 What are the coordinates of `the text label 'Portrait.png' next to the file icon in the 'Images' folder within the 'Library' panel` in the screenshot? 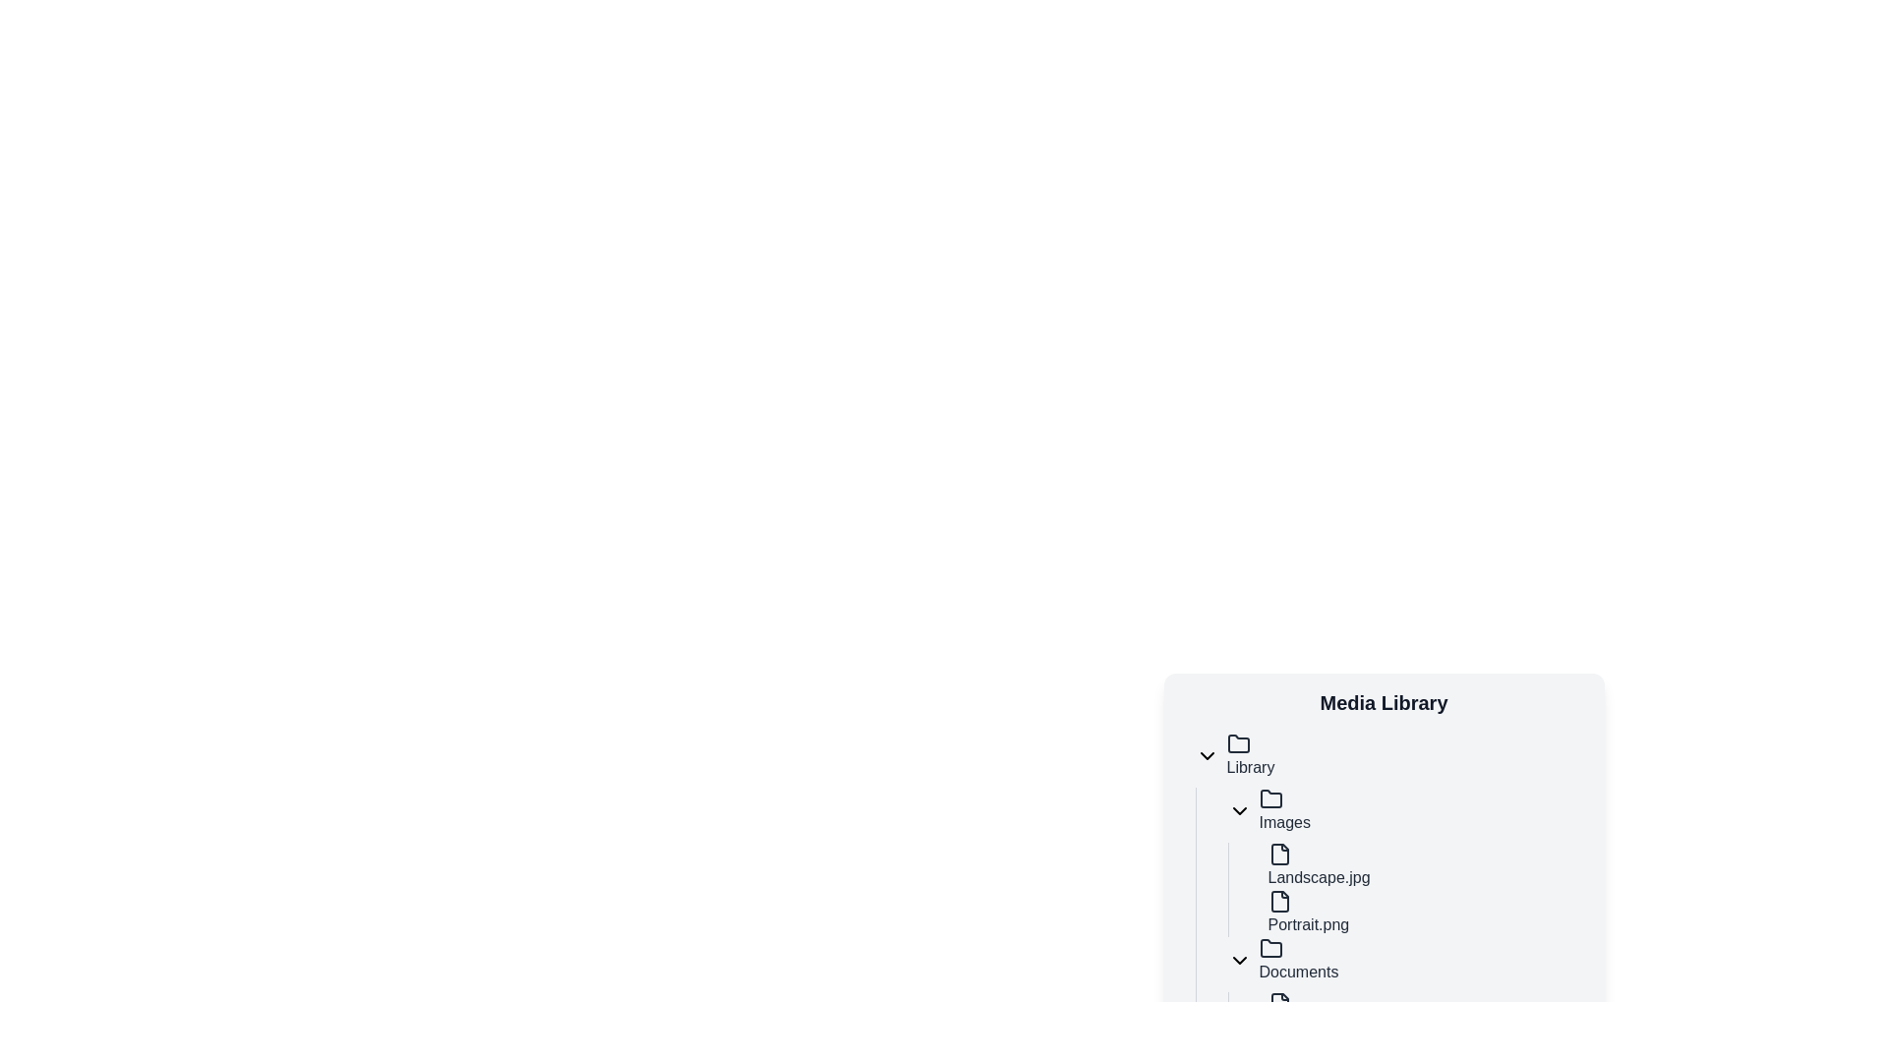 It's located at (1308, 914).